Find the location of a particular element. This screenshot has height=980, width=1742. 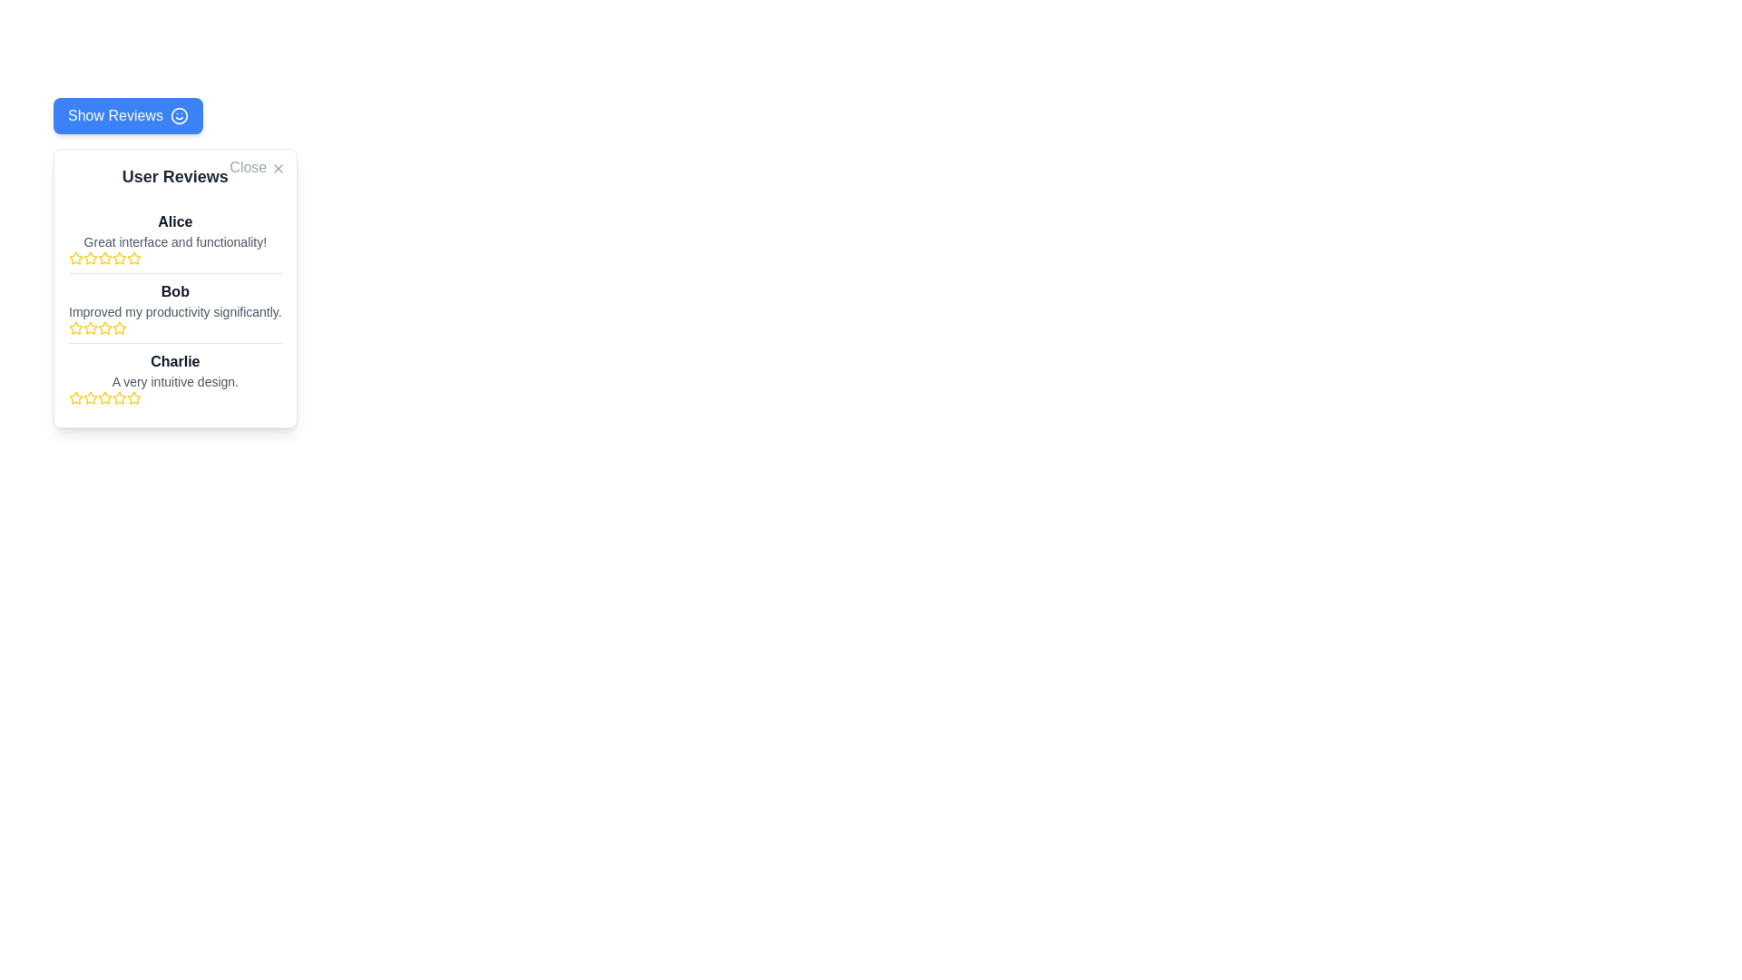

the first star icon in the rating component for the review of 'Bob' located in the second review block is located at coordinates (74, 328).